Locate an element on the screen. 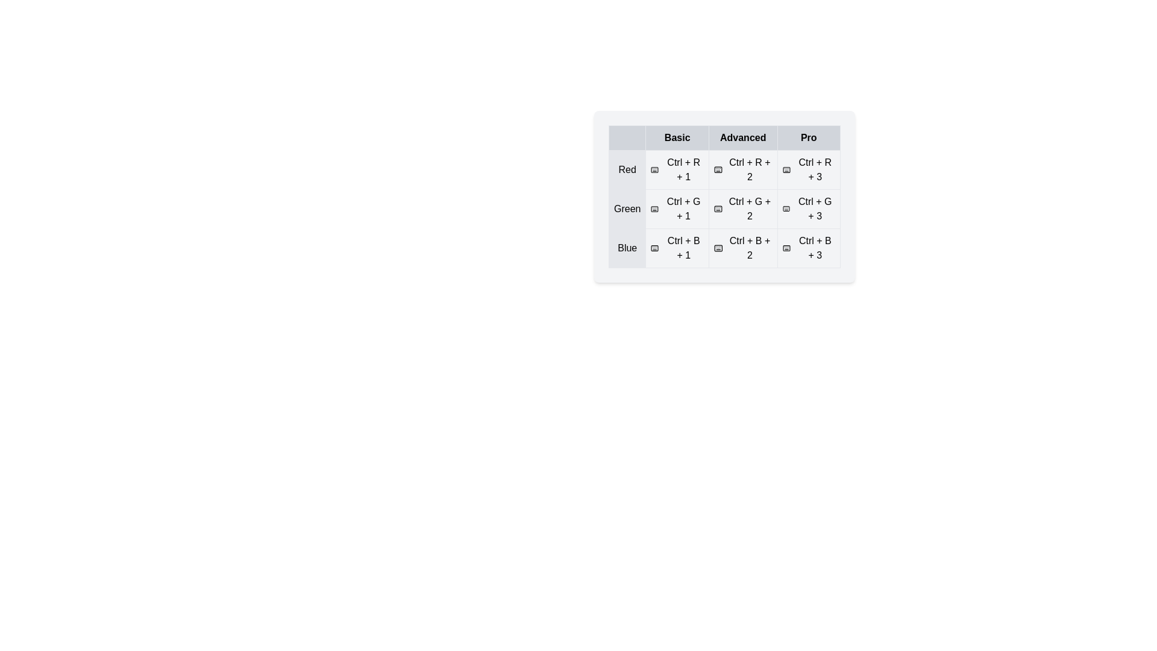 This screenshot has width=1157, height=651. the static content label with an icon located in the first row labeled 'Red' and first column labeled 'Basic' which displays a keyboard shortcut or command representation is located at coordinates (677, 169).